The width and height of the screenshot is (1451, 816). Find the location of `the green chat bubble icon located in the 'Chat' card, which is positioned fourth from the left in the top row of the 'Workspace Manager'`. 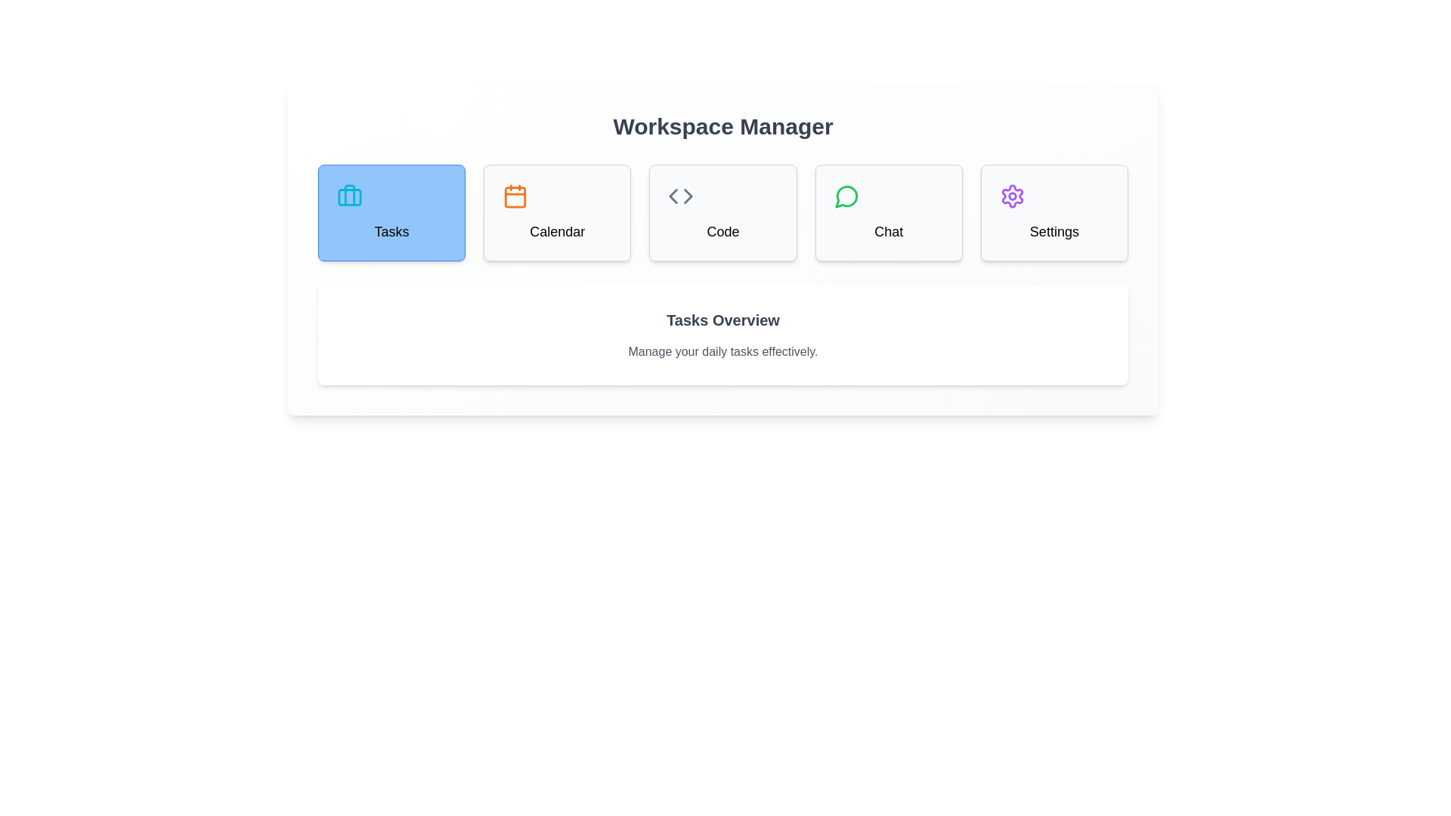

the green chat bubble icon located in the 'Chat' card, which is positioned fourth from the left in the top row of the 'Workspace Manager' is located at coordinates (846, 195).